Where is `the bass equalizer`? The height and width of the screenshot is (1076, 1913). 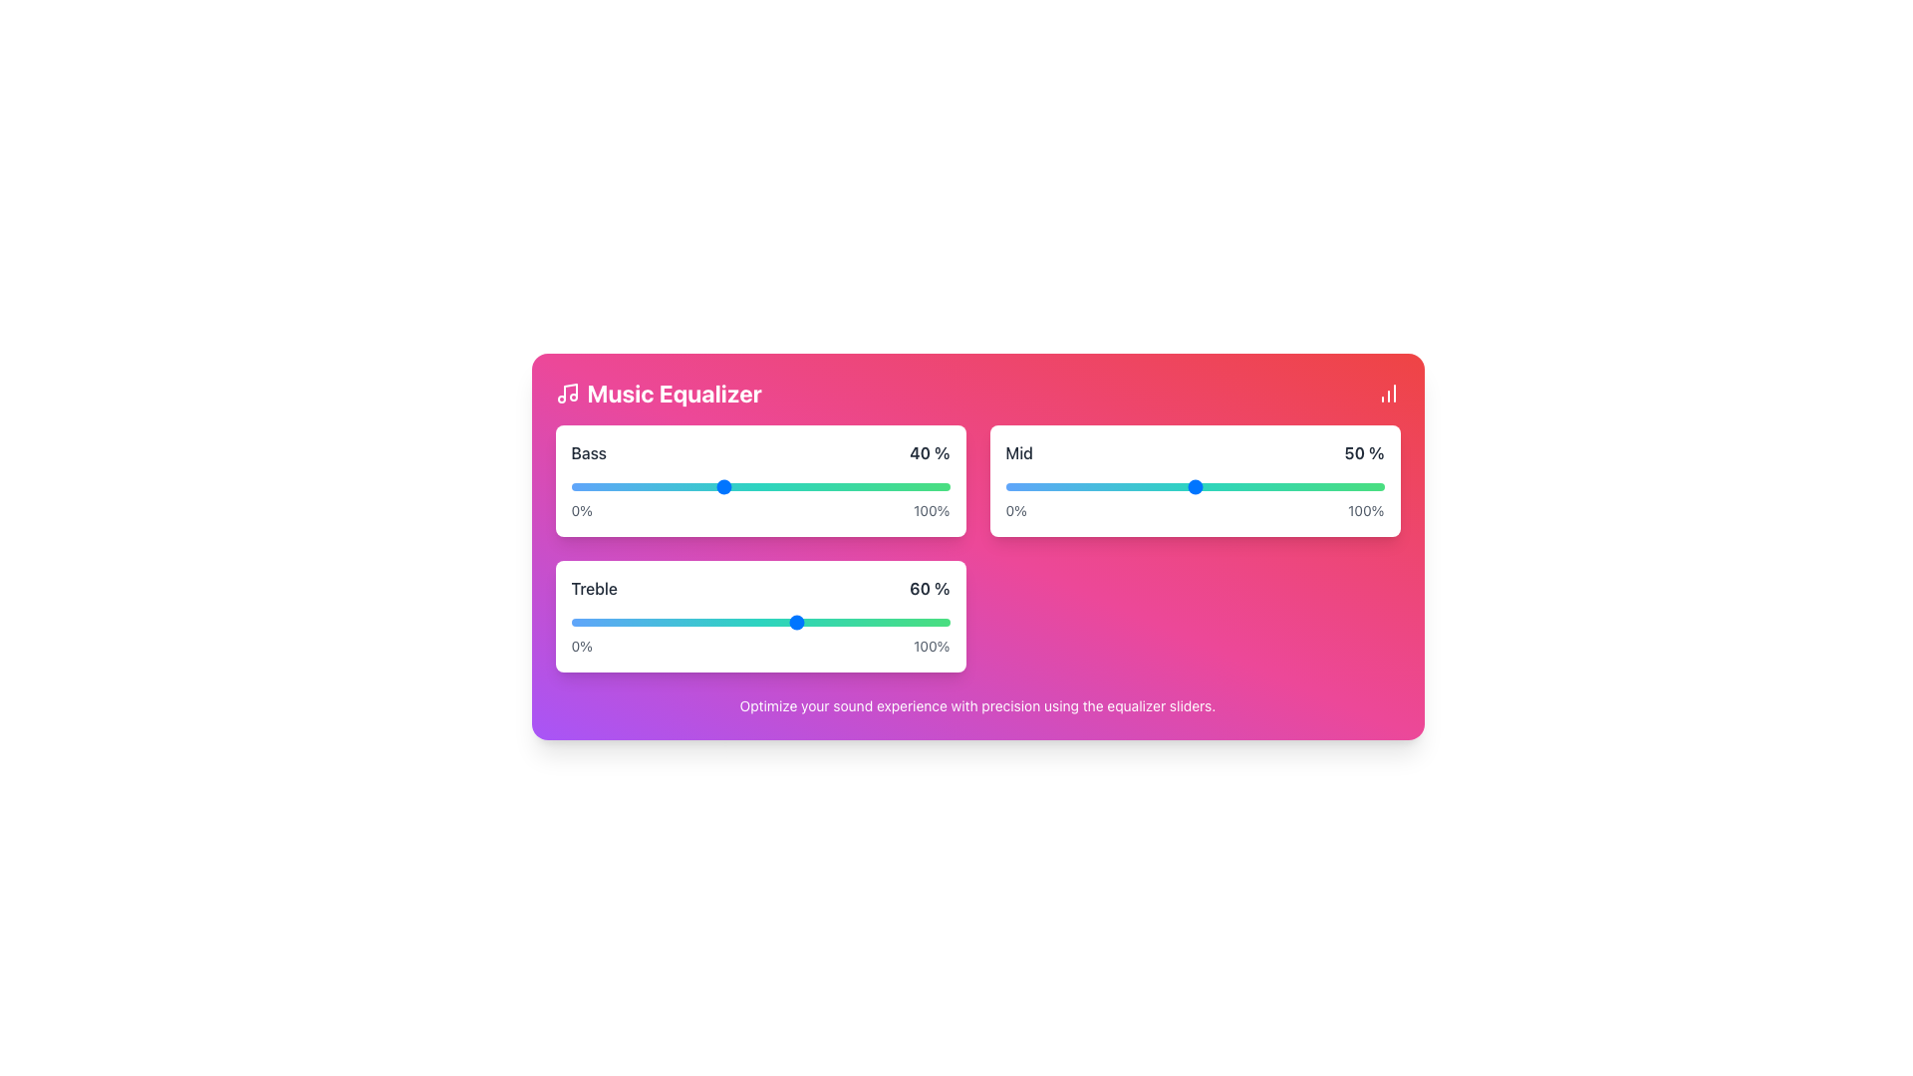
the bass equalizer is located at coordinates (721, 487).